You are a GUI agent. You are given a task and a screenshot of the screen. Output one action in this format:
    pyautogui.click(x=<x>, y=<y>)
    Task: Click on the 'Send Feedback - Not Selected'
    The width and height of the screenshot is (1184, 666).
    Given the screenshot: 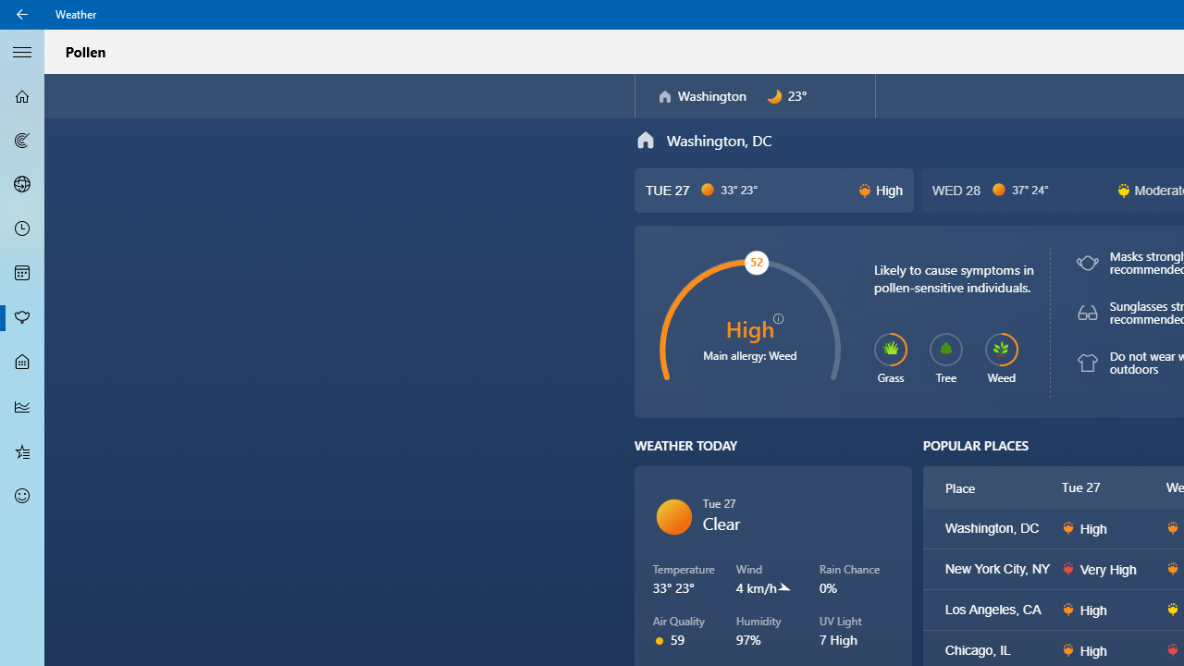 What is the action you would take?
    pyautogui.click(x=22, y=495)
    